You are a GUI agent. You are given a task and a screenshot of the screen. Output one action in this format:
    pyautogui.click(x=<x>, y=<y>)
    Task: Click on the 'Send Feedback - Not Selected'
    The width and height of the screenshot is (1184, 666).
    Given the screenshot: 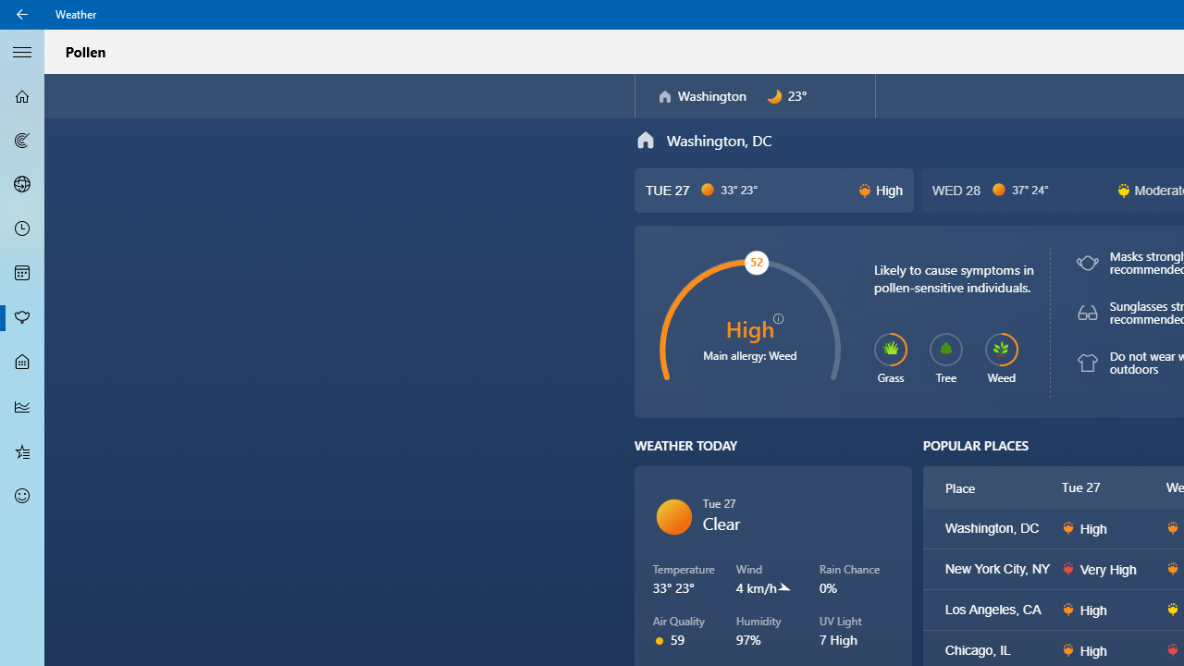 What is the action you would take?
    pyautogui.click(x=22, y=495)
    